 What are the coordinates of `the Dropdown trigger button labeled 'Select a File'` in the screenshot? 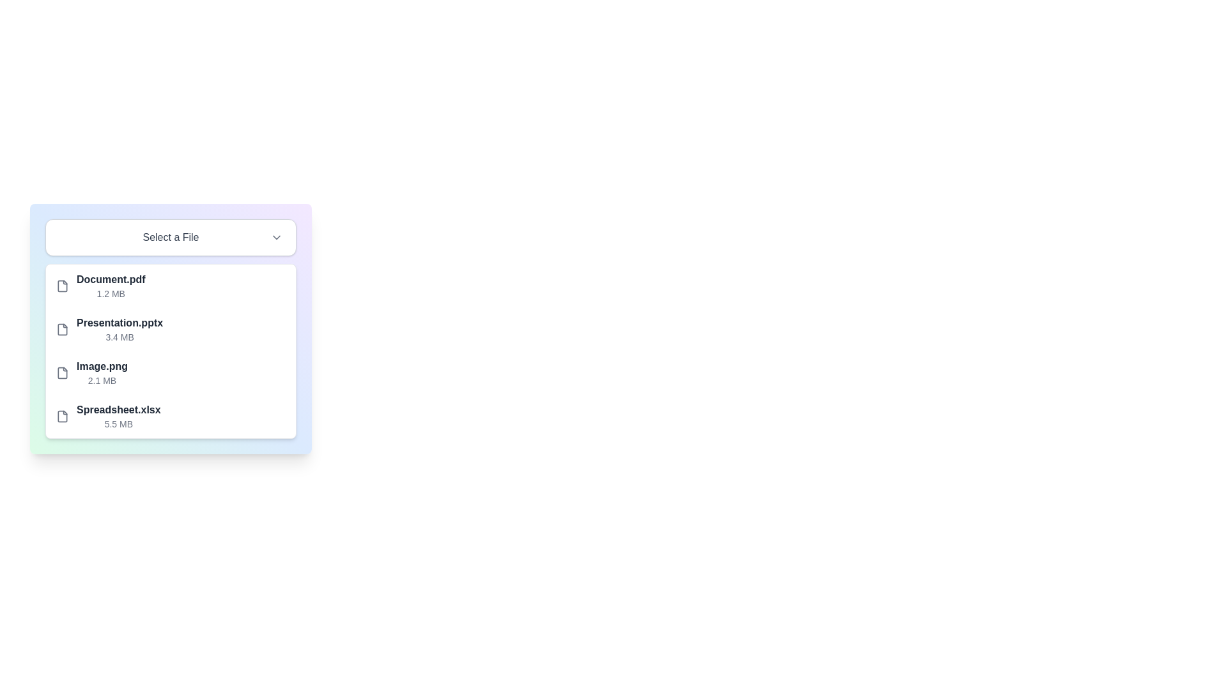 It's located at (170, 237).